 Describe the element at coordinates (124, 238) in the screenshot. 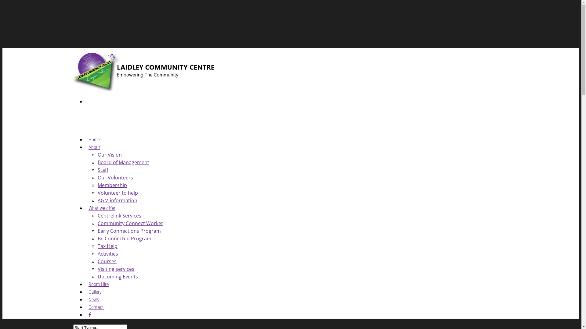

I see `'Be Connected Program'` at that location.